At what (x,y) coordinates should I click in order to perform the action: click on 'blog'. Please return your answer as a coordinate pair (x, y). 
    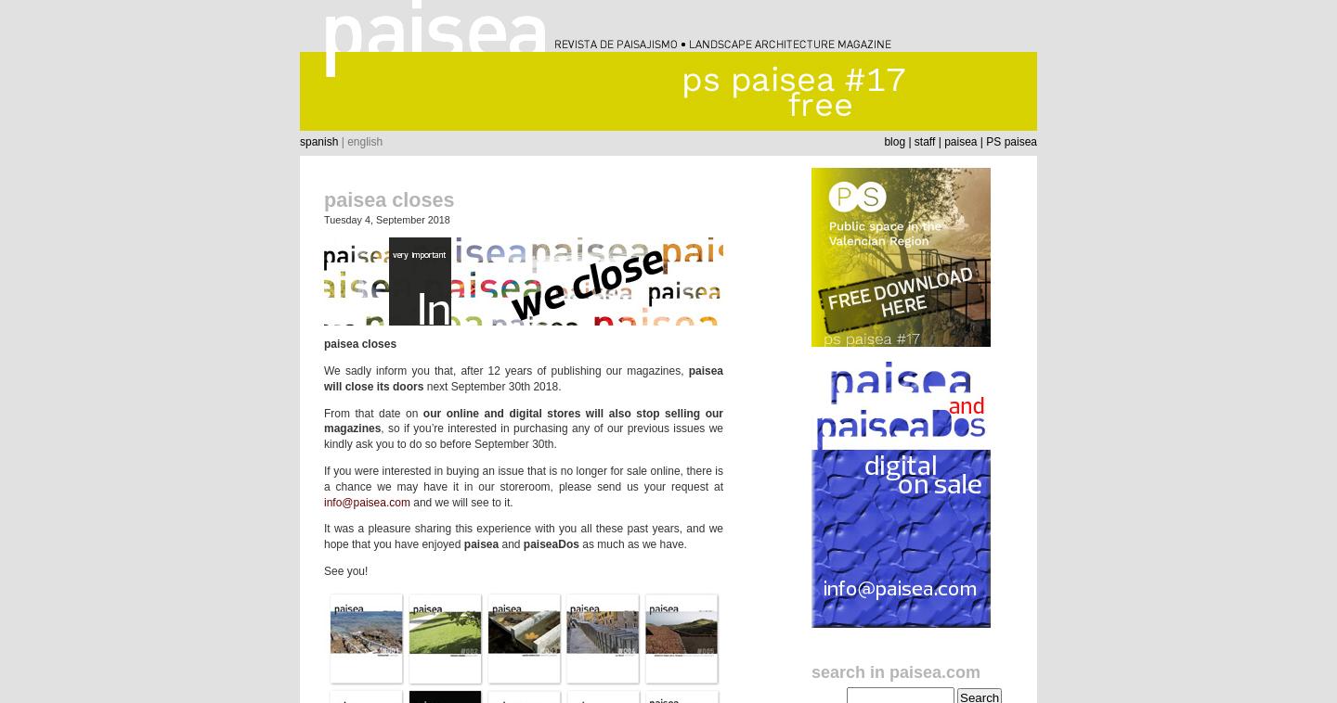
    Looking at the image, I should click on (883, 140).